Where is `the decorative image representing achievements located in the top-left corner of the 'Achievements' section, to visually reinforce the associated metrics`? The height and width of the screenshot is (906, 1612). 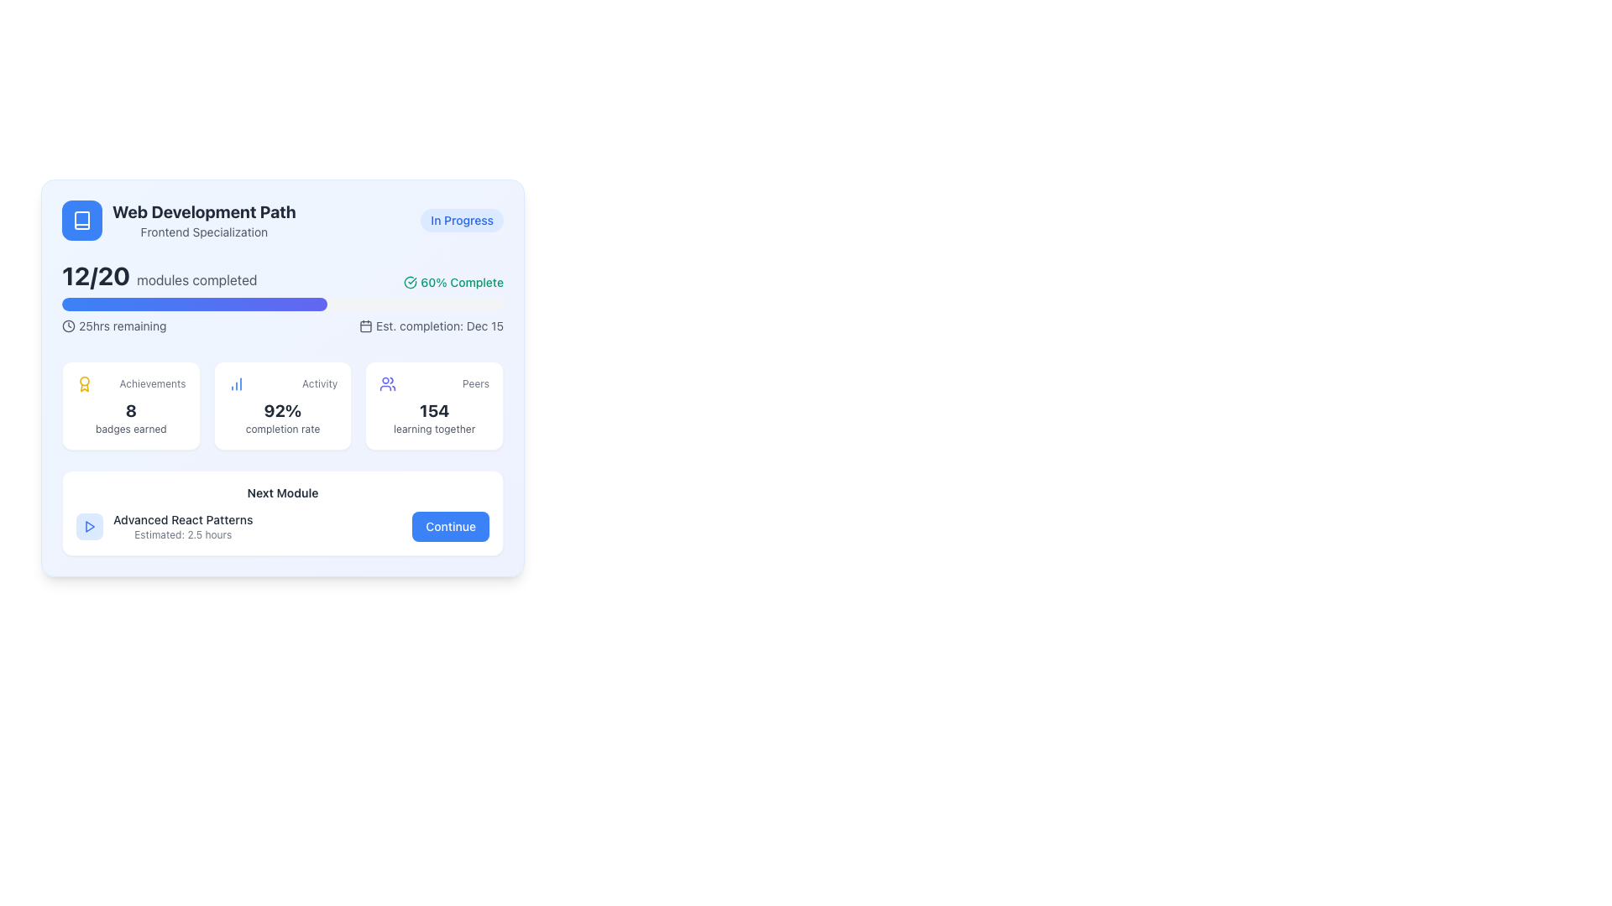
the decorative image representing achievements located in the top-left corner of the 'Achievements' section, to visually reinforce the associated metrics is located at coordinates (83, 384).